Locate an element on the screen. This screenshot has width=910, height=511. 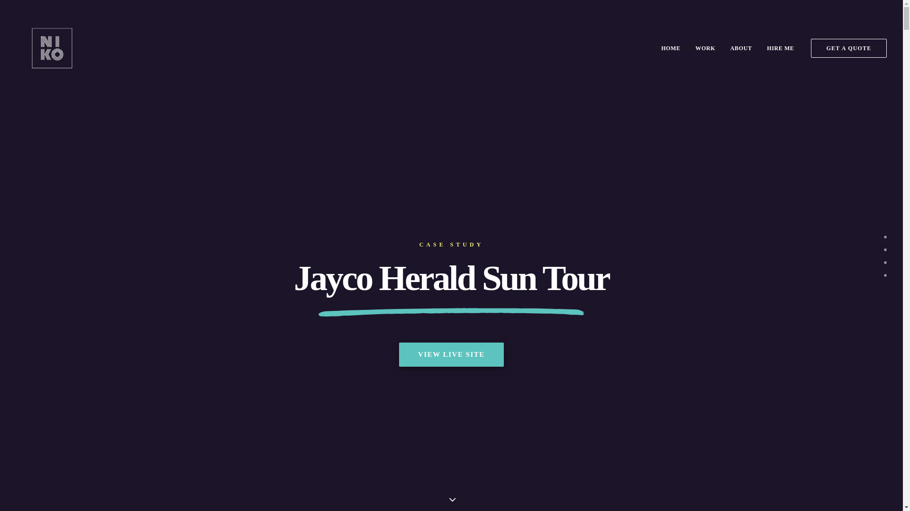
'VIEW LIVE SITE' is located at coordinates (451, 354).